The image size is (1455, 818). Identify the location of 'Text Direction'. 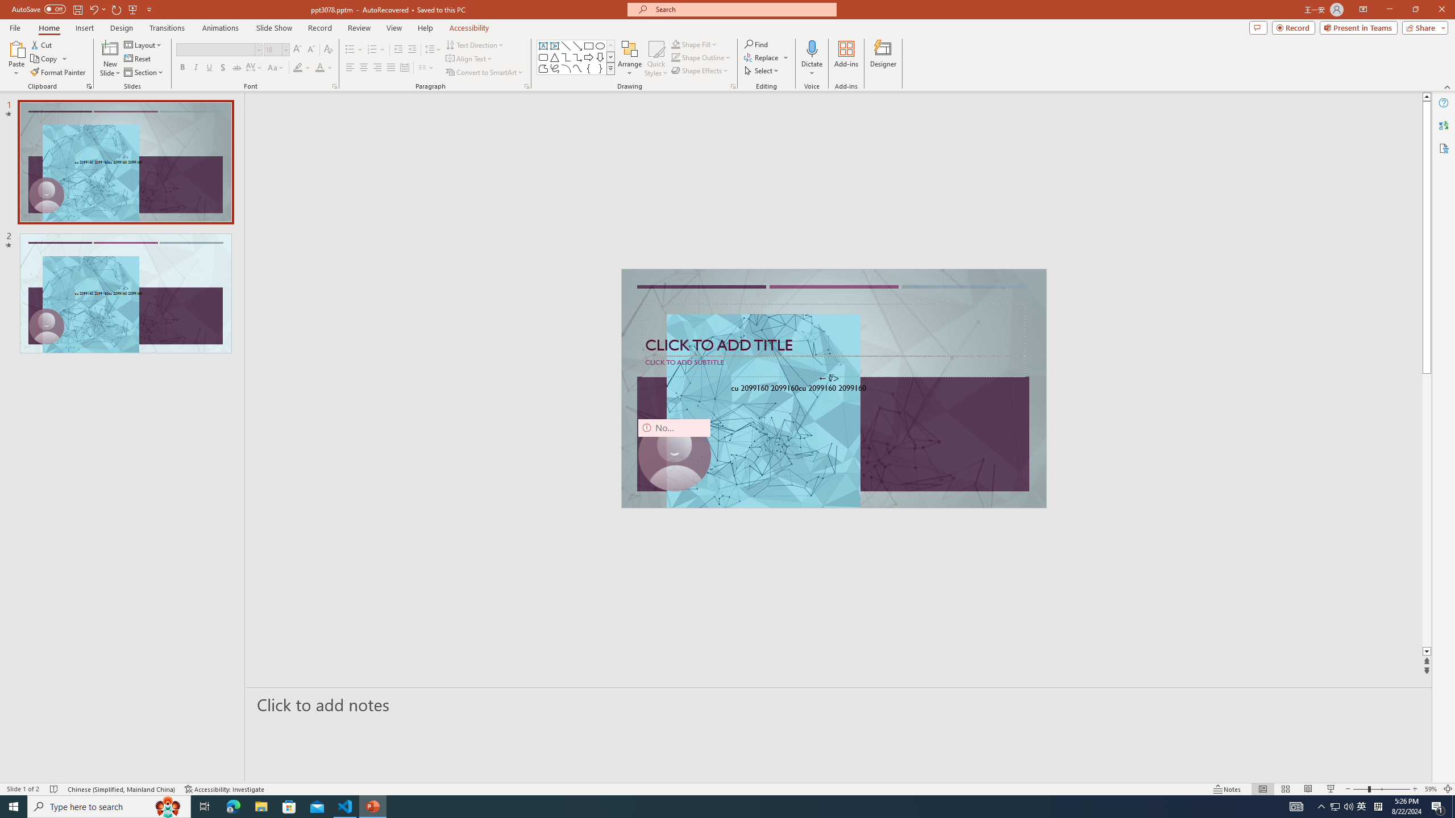
(475, 44).